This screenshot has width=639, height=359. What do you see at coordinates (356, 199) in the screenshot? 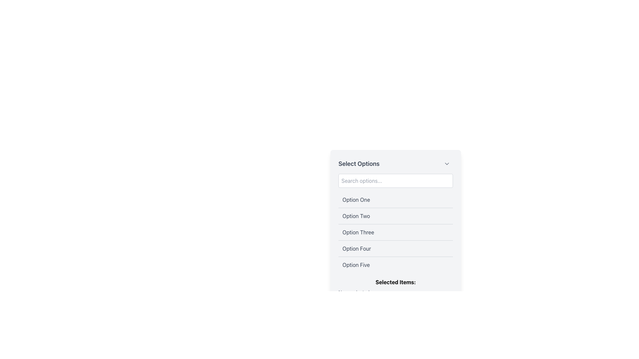
I see `the text label displaying 'Option One', which is the first option in the list under 'Select Options'` at bounding box center [356, 199].